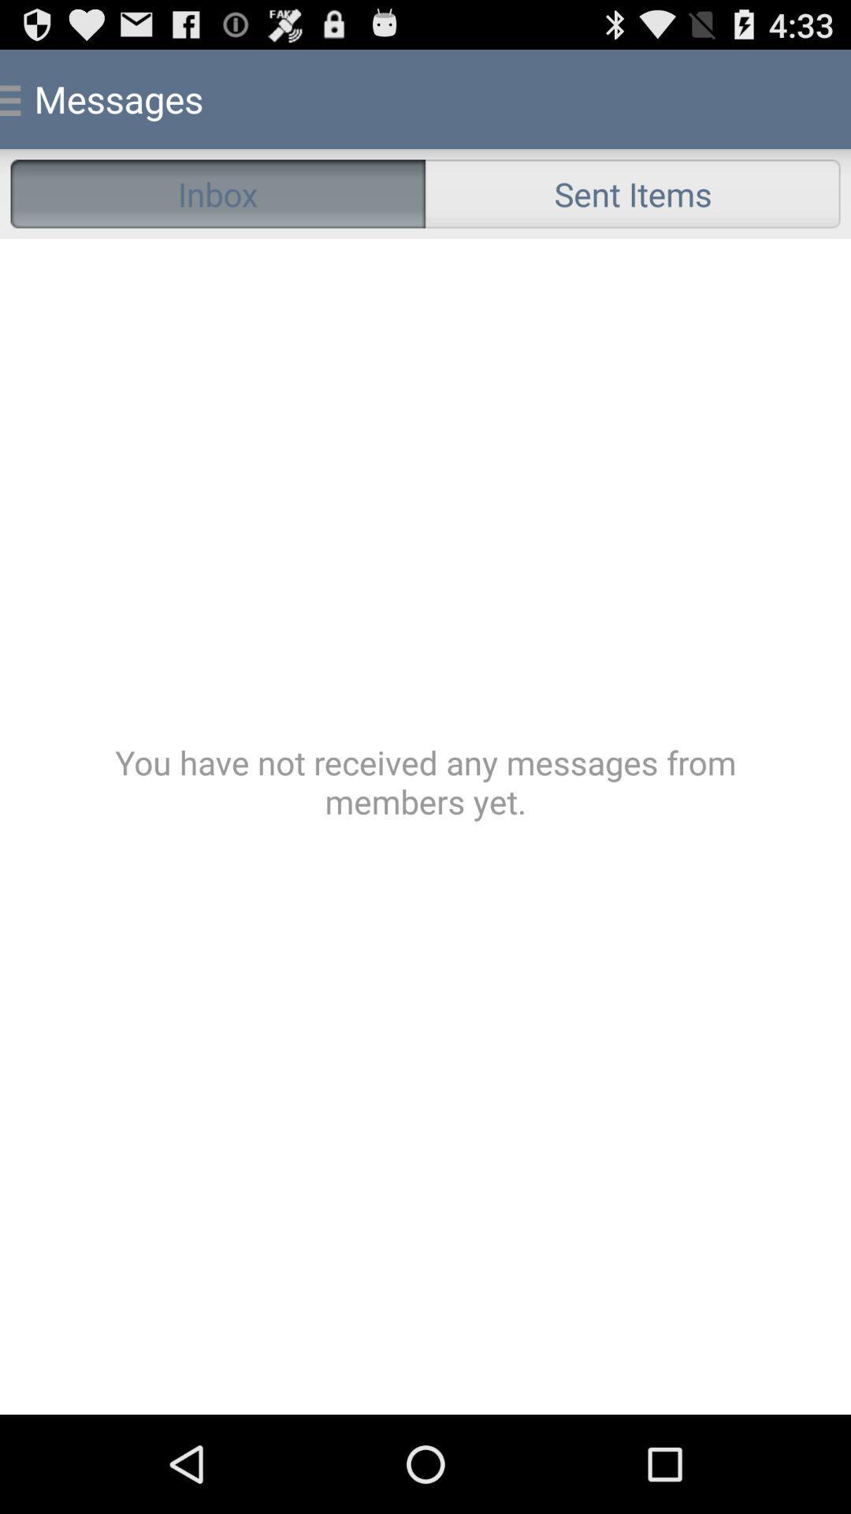 This screenshot has width=851, height=1514. Describe the element at coordinates (632, 192) in the screenshot. I see `icon at the top right corner` at that location.